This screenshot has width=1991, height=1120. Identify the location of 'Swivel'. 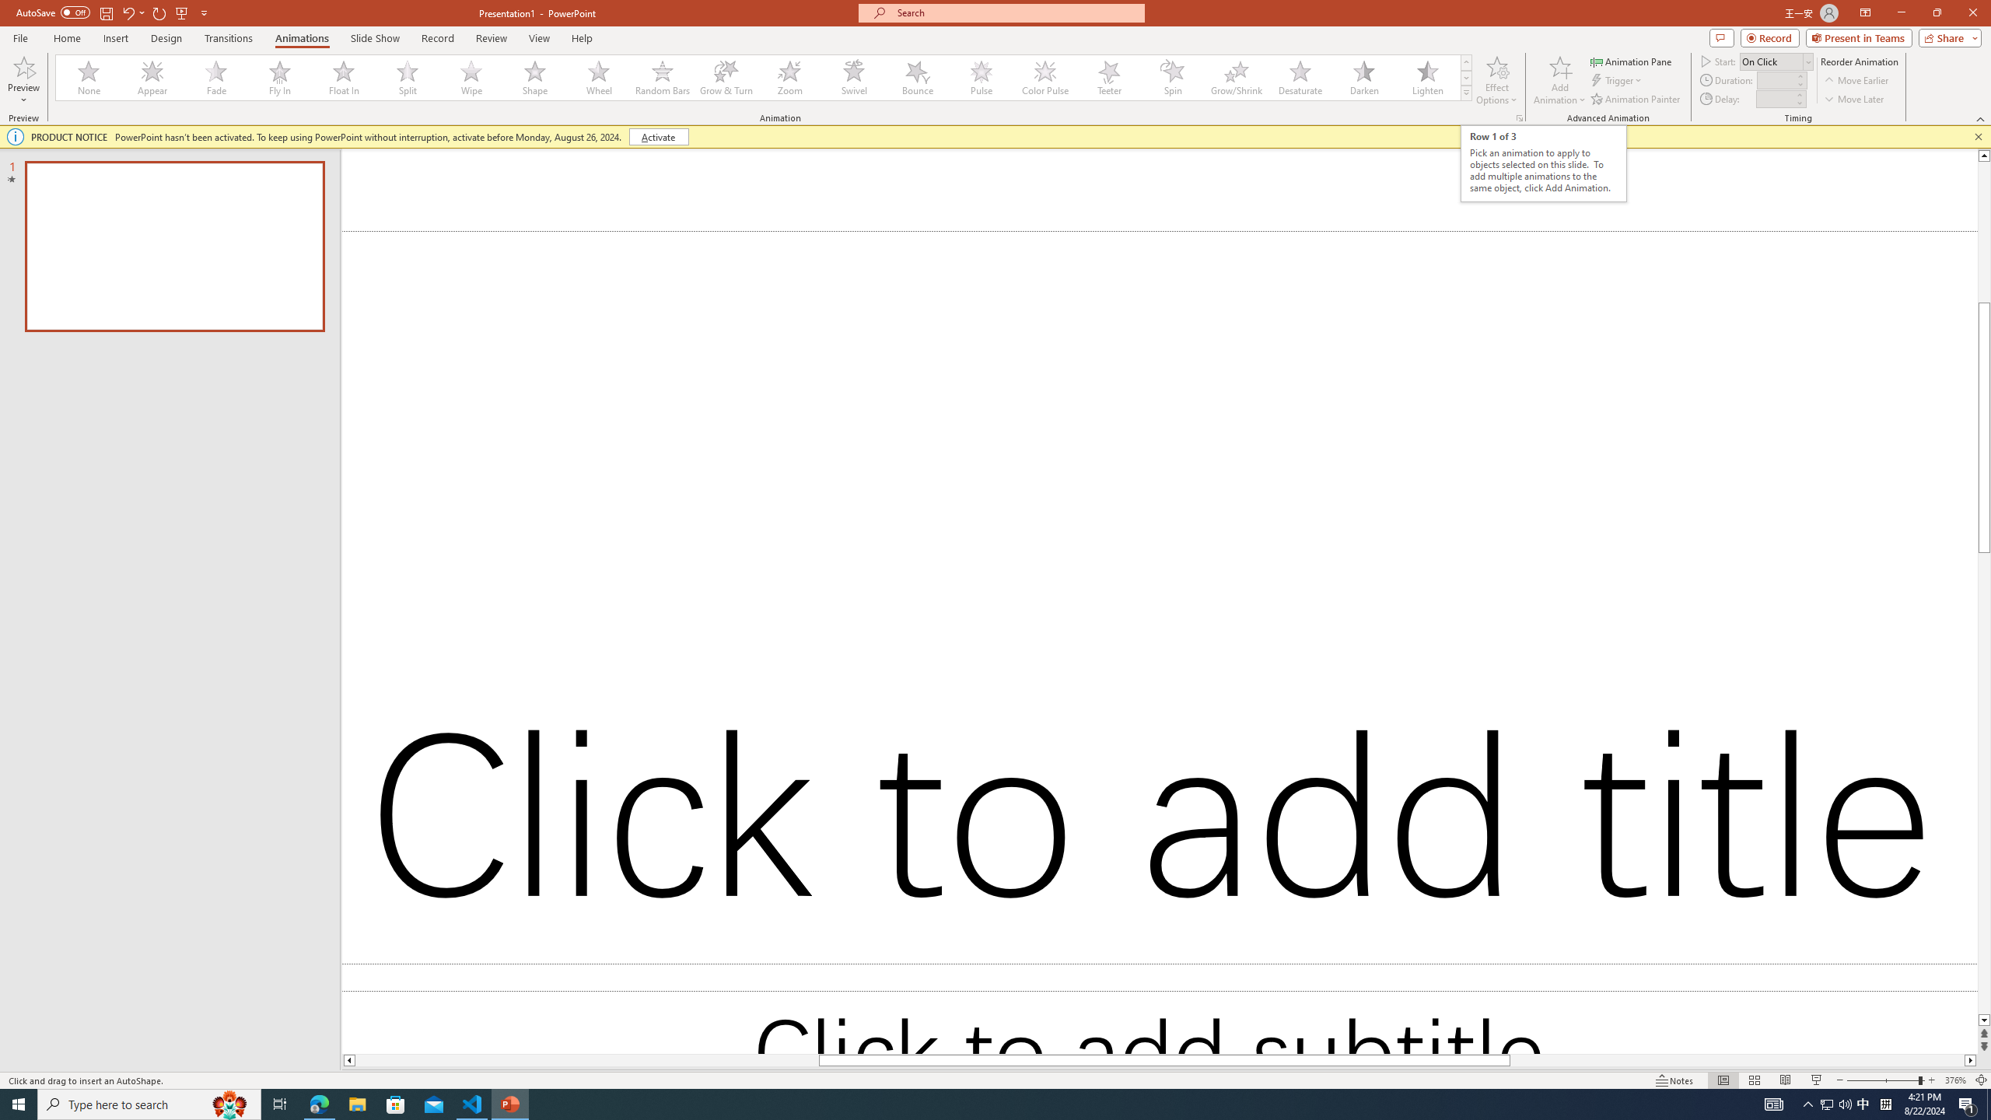
(853, 77).